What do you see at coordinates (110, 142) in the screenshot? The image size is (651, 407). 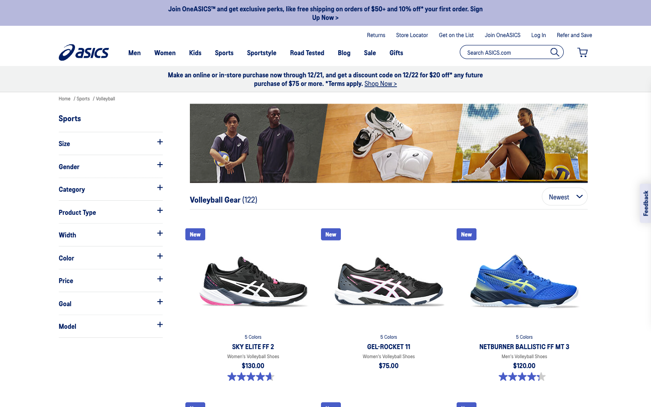 I see `filter based on shoe size` at bounding box center [110, 142].